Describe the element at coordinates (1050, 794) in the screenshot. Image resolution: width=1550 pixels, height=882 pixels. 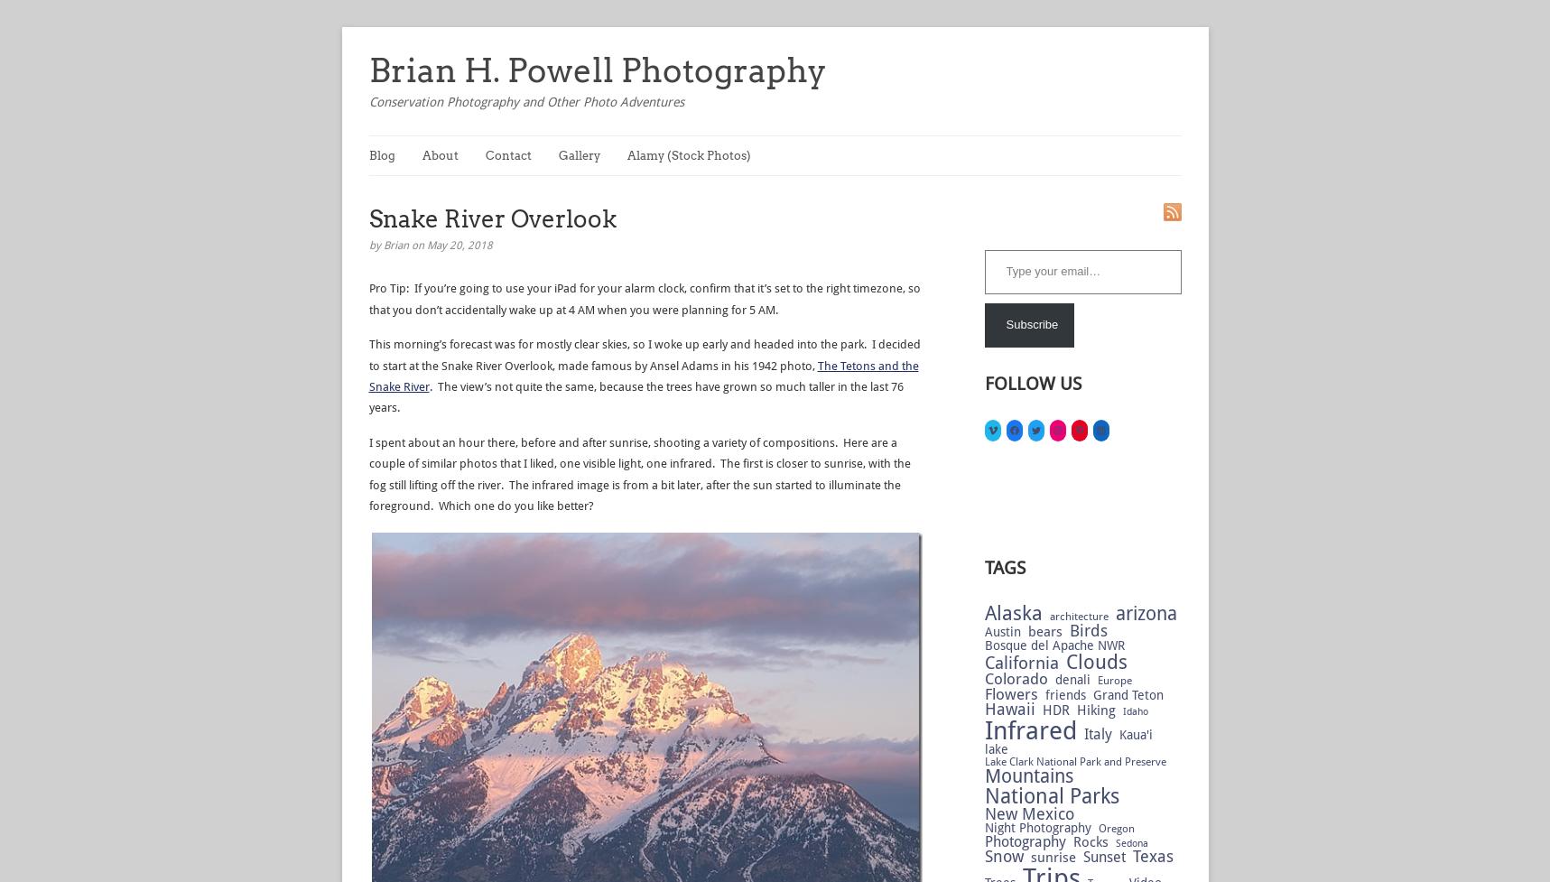
I see `'National Parks'` at that location.